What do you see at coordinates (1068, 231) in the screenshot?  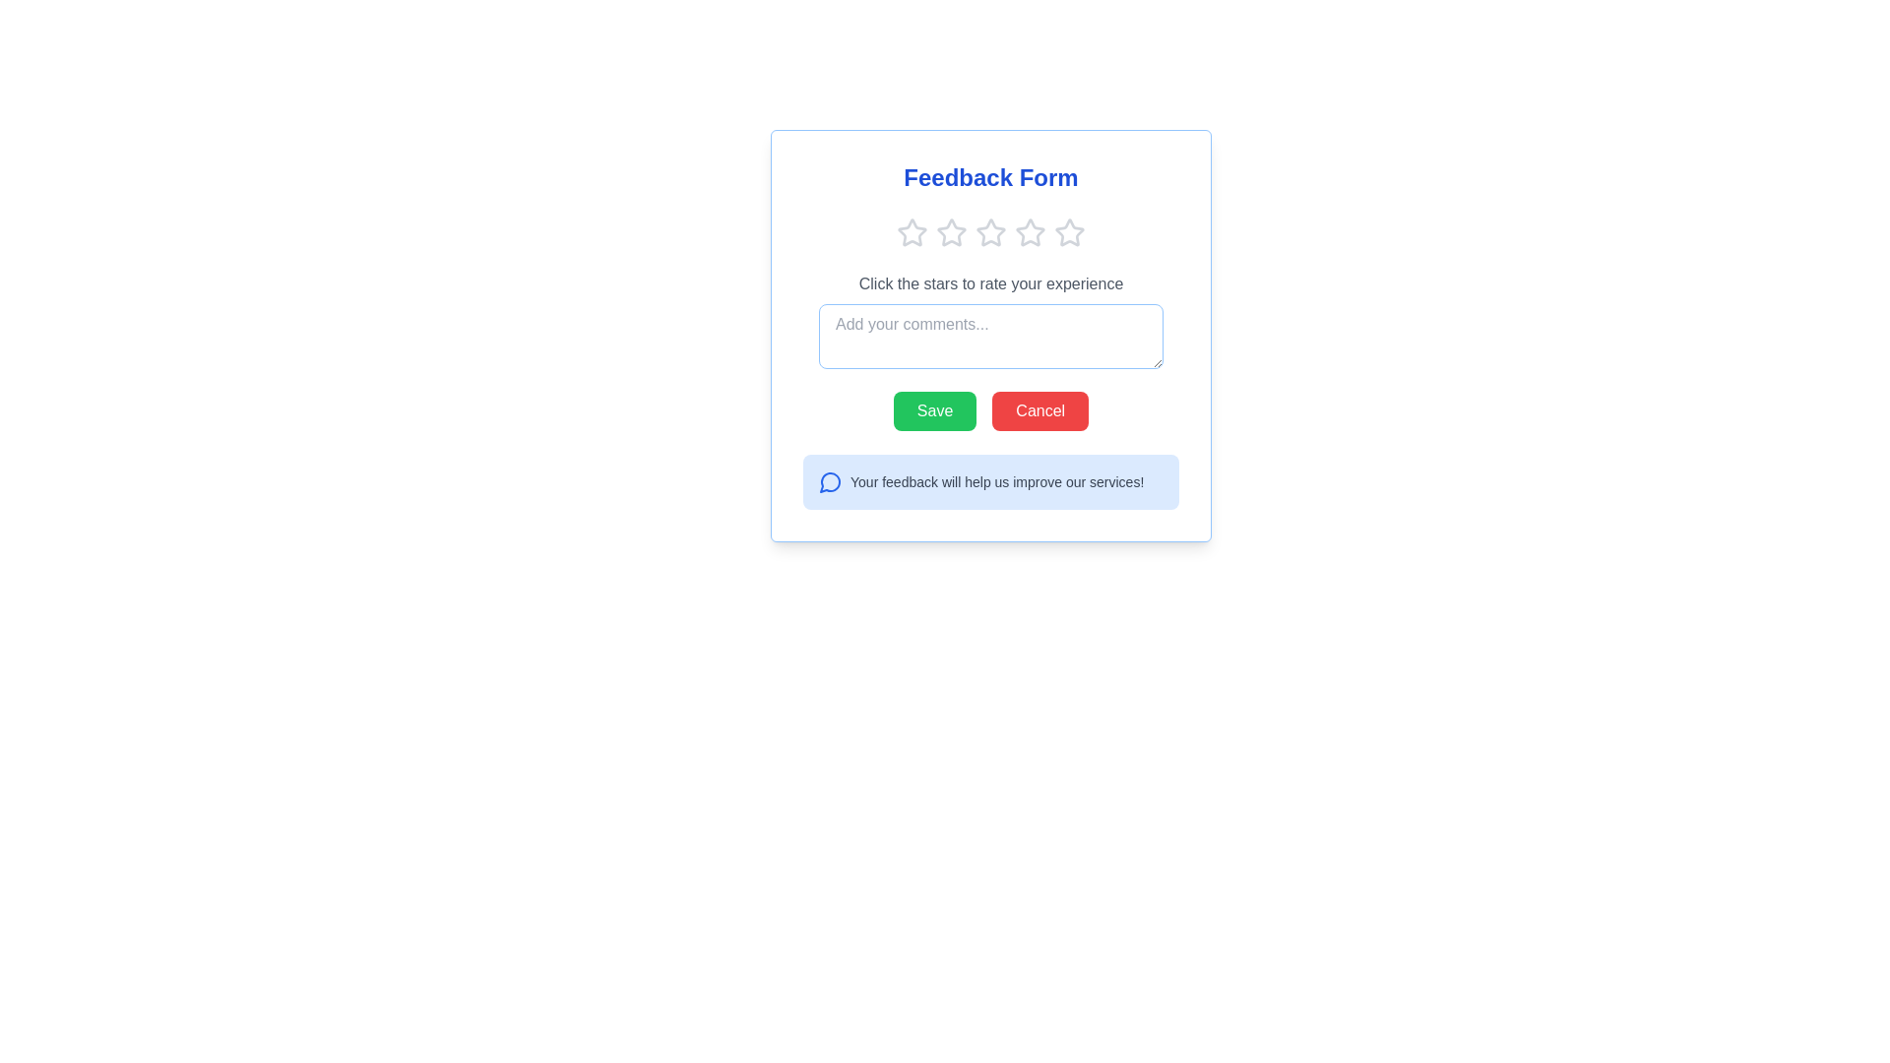 I see `the fifth star-shaped SVG icon in the rating system` at bounding box center [1068, 231].